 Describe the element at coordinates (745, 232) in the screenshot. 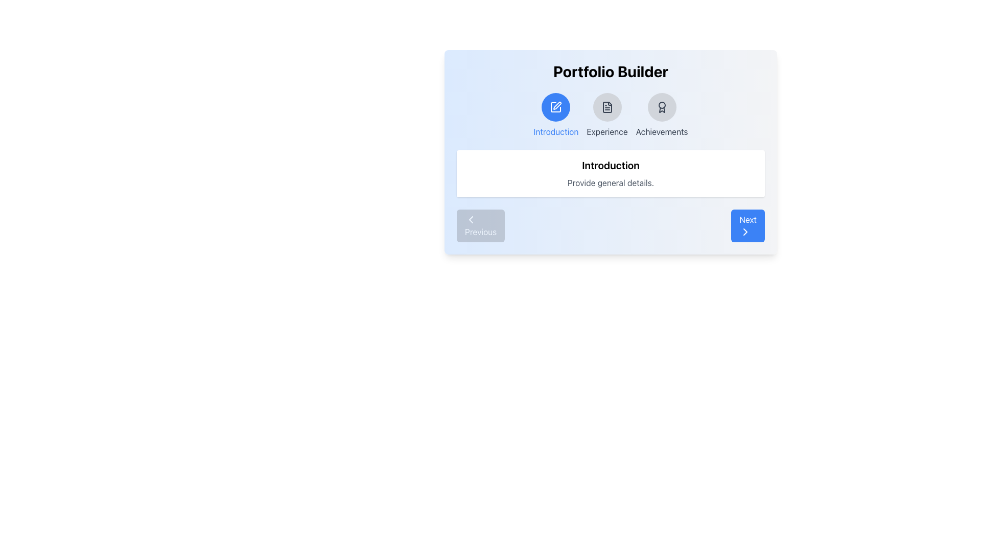

I see `the chevron icon located within the 'Next' button at the bottom right of the interface` at that location.